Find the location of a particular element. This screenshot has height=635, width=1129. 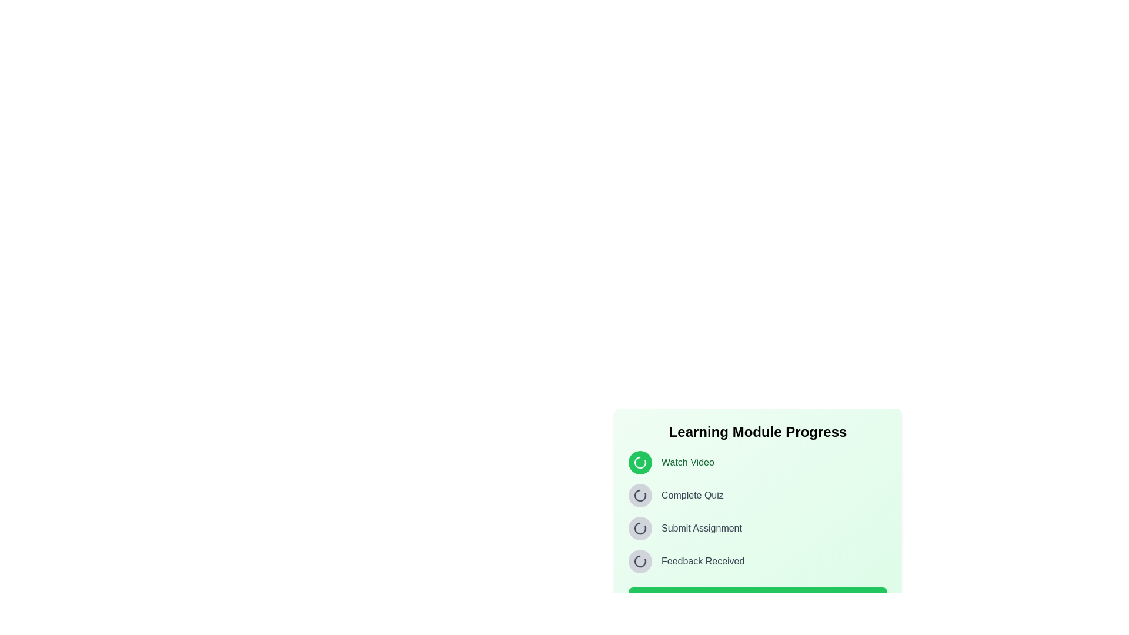

the text label displaying 'Submit Assignment', which is styled in gray and positioned under a progress tracker, to the right of the status icon is located at coordinates (702, 527).